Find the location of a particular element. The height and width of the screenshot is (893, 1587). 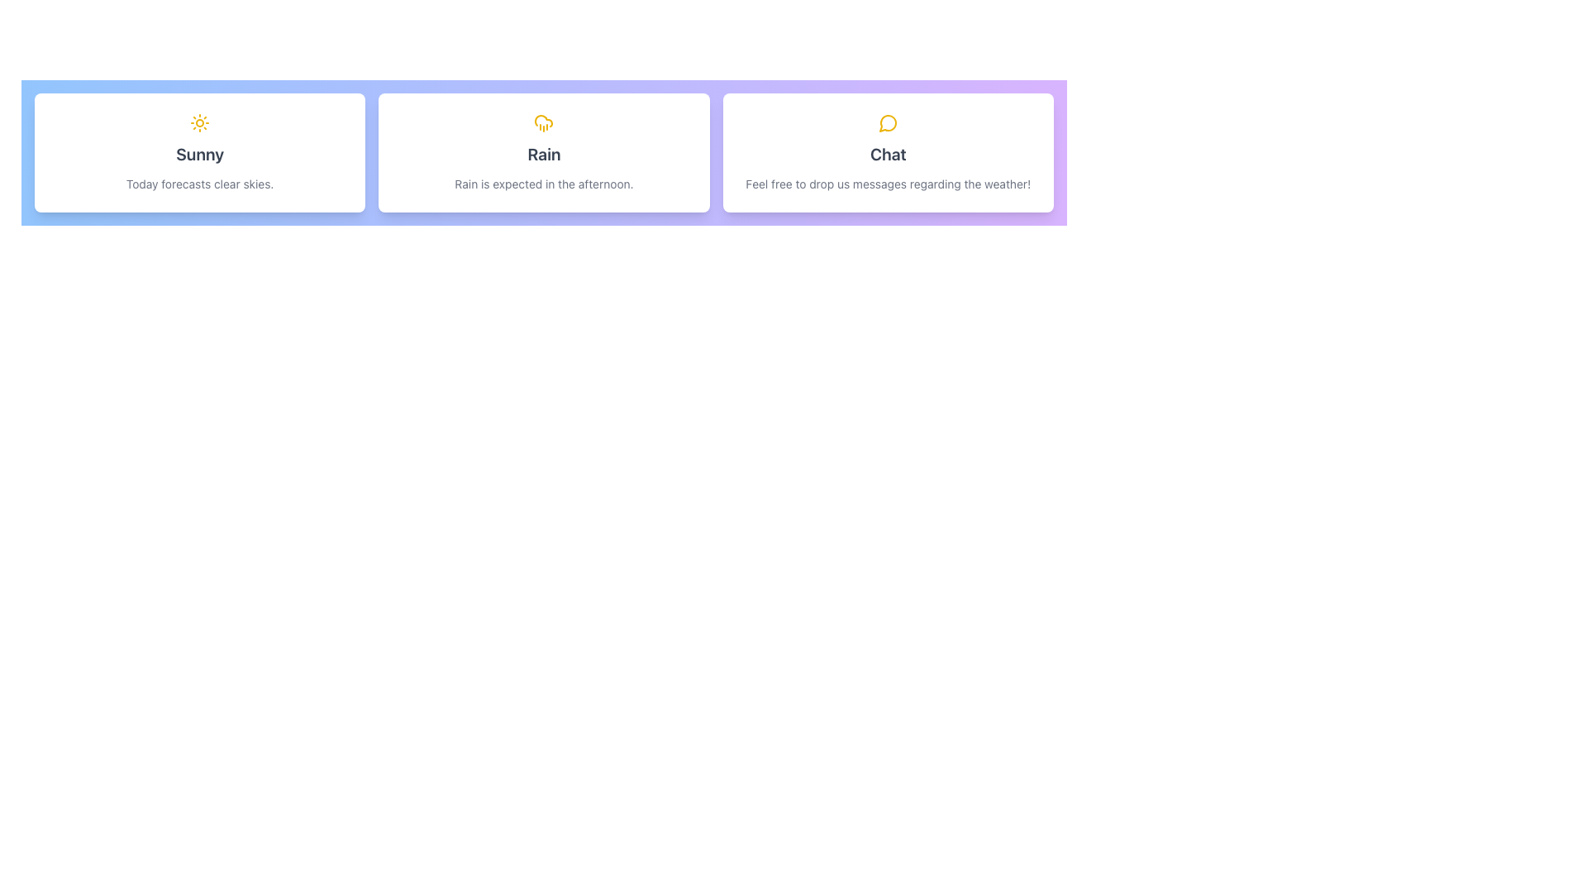

the text label that serves as a heading for the card with a purple gradient background, located at the top-central position of the rightmost card is located at coordinates (887, 154).